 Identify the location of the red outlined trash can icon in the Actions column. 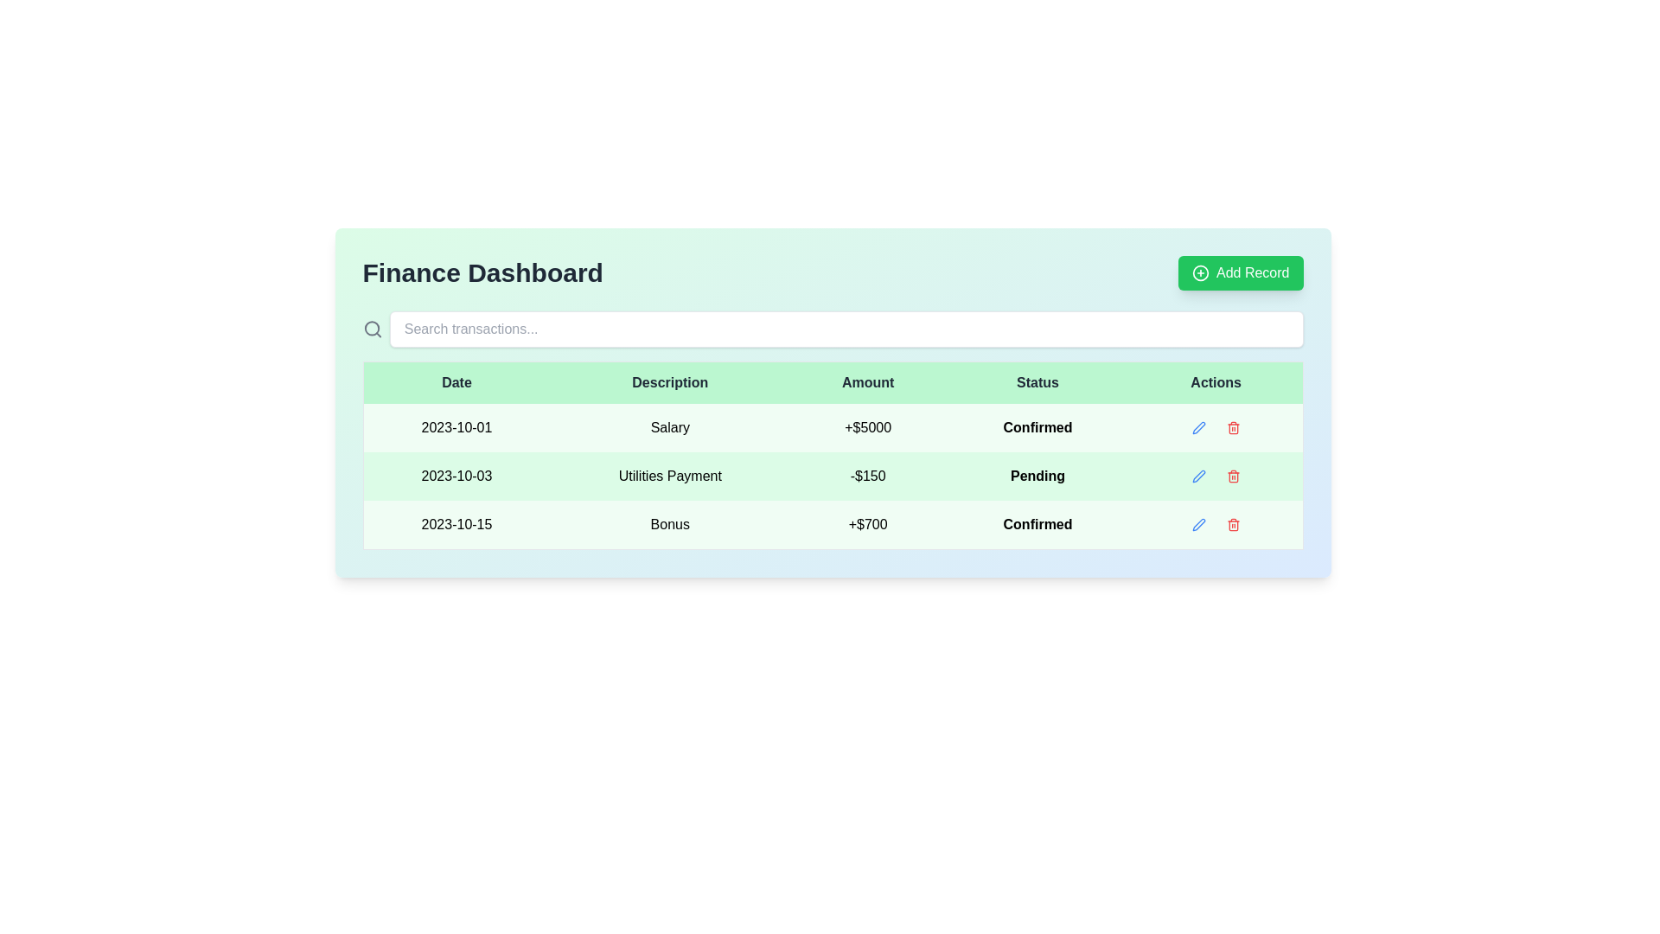
(1232, 427).